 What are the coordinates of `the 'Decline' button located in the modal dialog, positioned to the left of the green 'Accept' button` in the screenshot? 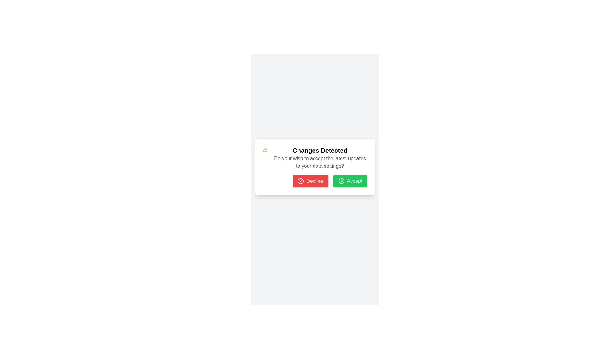 It's located at (310, 181).